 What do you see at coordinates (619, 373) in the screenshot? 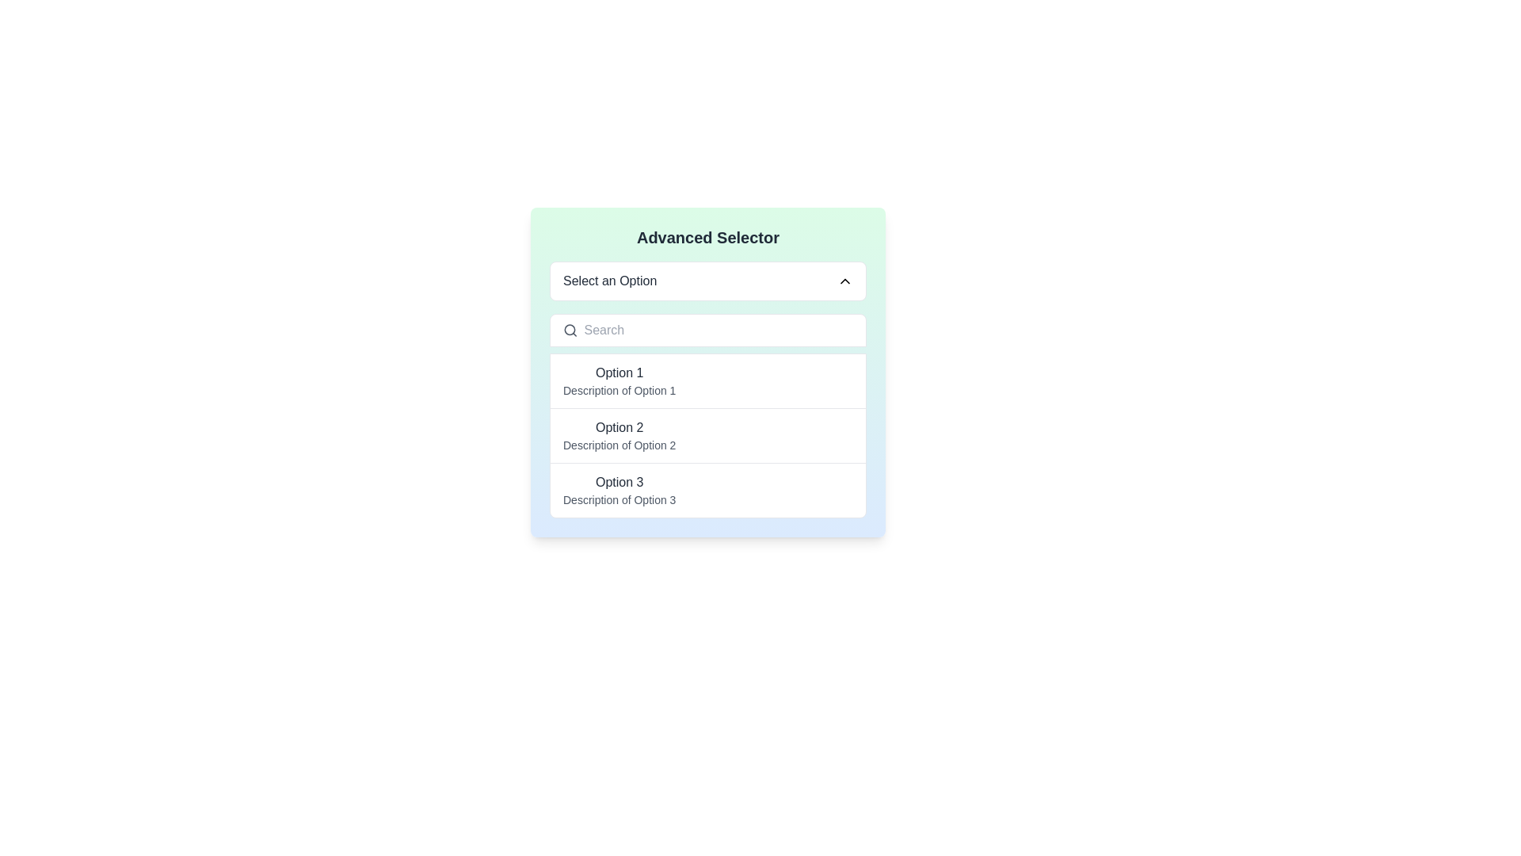
I see `the static text label that serves as the title for the first option in the dropdown menu, located above the description text` at bounding box center [619, 373].